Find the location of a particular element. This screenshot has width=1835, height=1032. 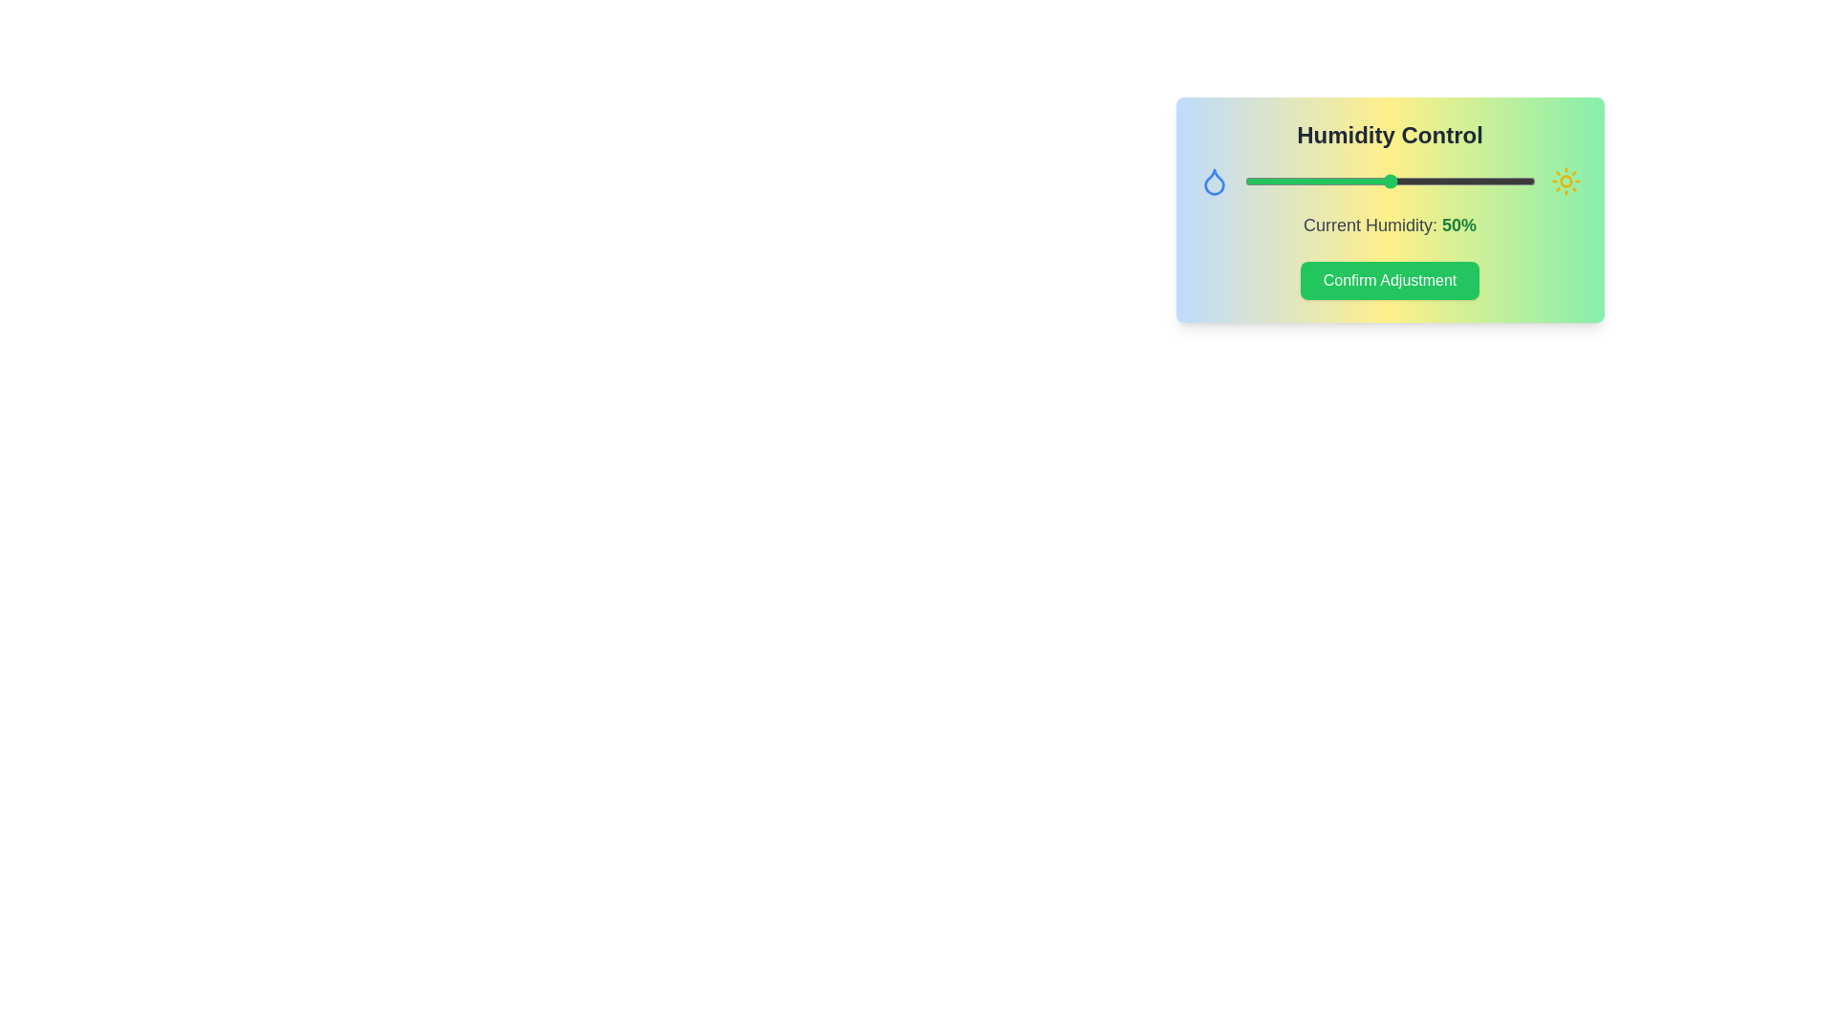

the humidity slider to 36% is located at coordinates (1348, 181).